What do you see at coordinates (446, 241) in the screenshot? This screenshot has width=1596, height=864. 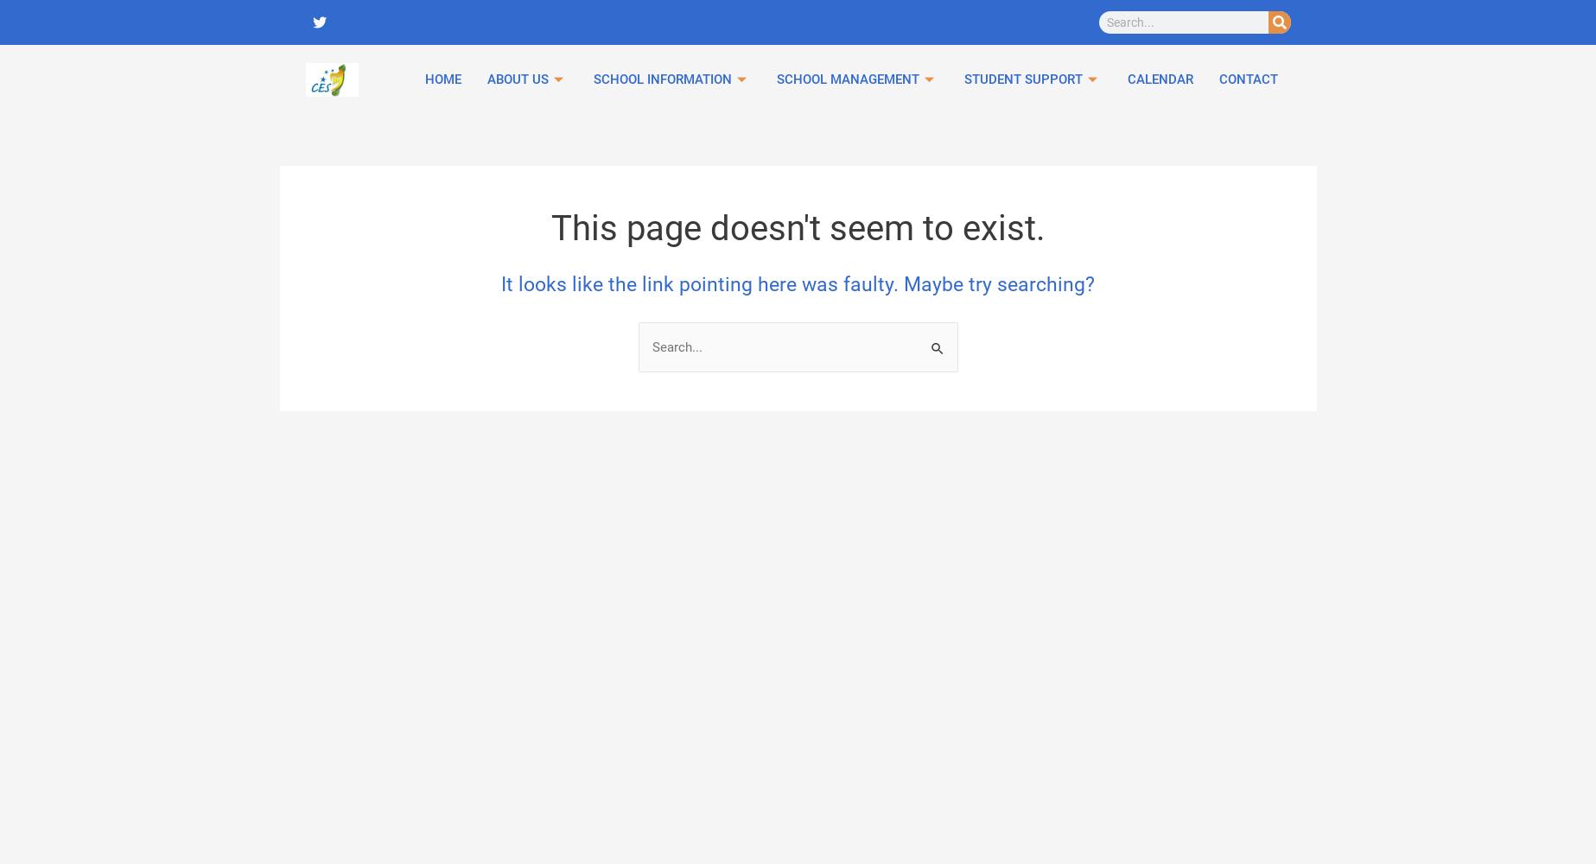 I see `'English language support primary'` at bounding box center [446, 241].